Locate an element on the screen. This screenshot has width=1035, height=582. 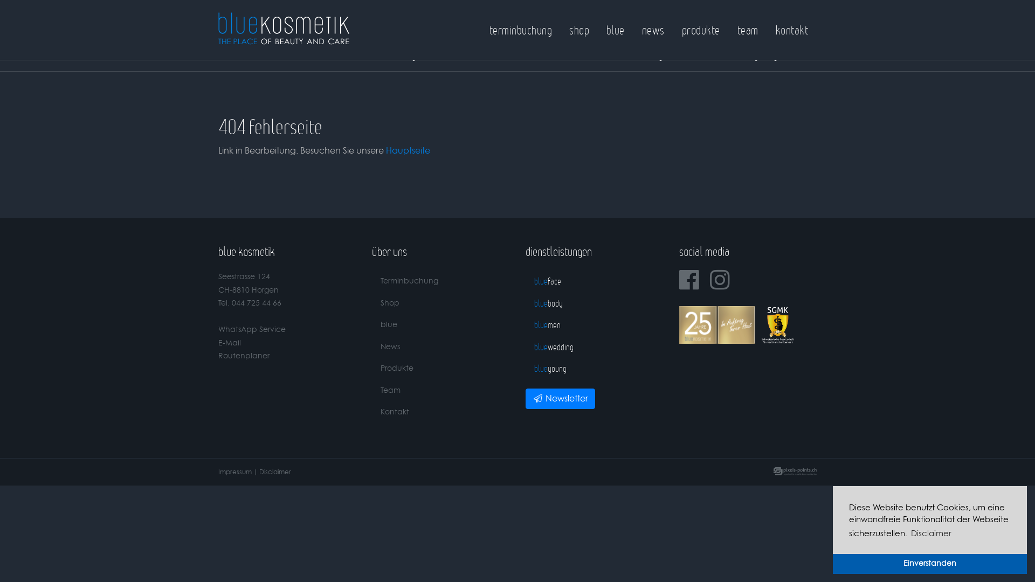
'Kontakt' is located at coordinates (372, 412).